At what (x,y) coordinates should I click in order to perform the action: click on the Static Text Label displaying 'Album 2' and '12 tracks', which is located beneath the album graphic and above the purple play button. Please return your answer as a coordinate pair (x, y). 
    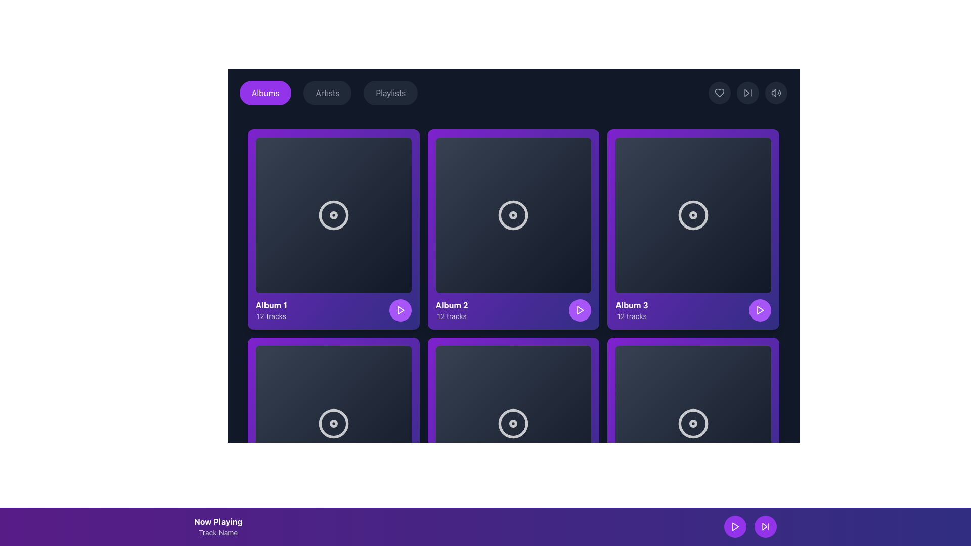
    Looking at the image, I should click on (451, 309).